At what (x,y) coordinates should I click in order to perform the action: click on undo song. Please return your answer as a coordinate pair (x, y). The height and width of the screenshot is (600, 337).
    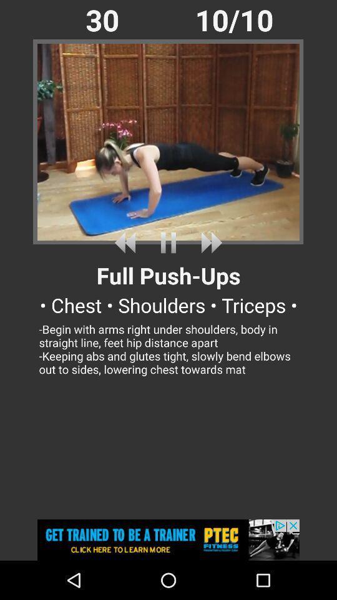
    Looking at the image, I should click on (127, 242).